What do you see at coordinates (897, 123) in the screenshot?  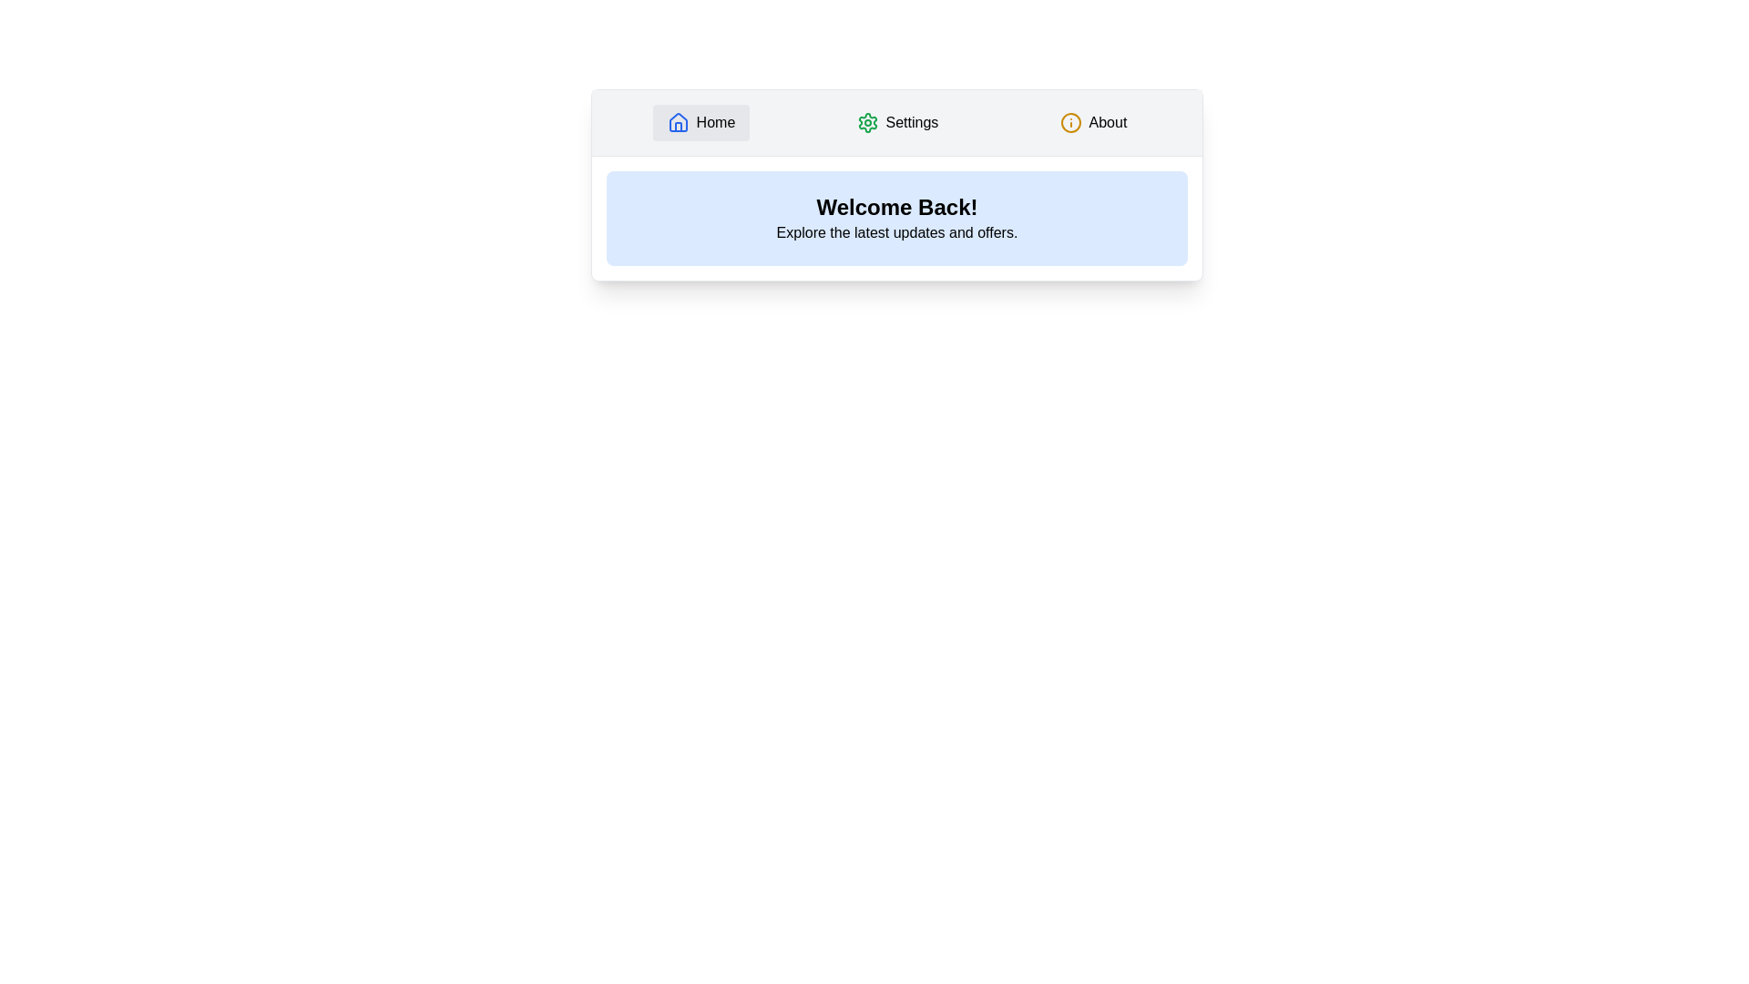 I see `the Settings tab to view its content` at bounding box center [897, 123].